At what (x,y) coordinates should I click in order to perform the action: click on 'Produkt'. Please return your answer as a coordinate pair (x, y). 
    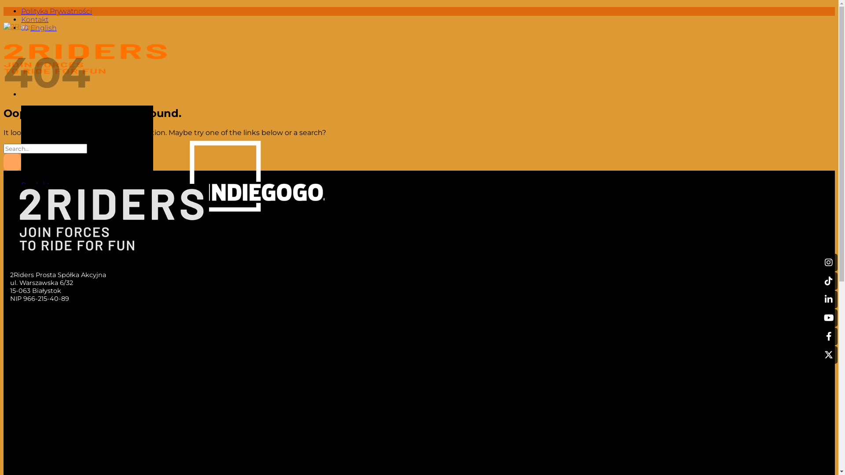
    Looking at the image, I should click on (21, 184).